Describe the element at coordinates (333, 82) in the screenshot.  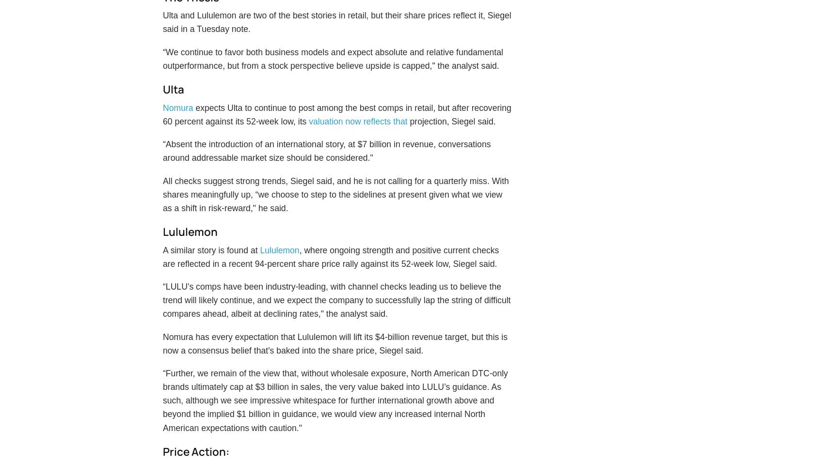
I see `'“We continue to favor both business models and expect absolute and relative fundamental outperformance, but from a stock perspective believe upside is capped," the analyst said.'` at that location.